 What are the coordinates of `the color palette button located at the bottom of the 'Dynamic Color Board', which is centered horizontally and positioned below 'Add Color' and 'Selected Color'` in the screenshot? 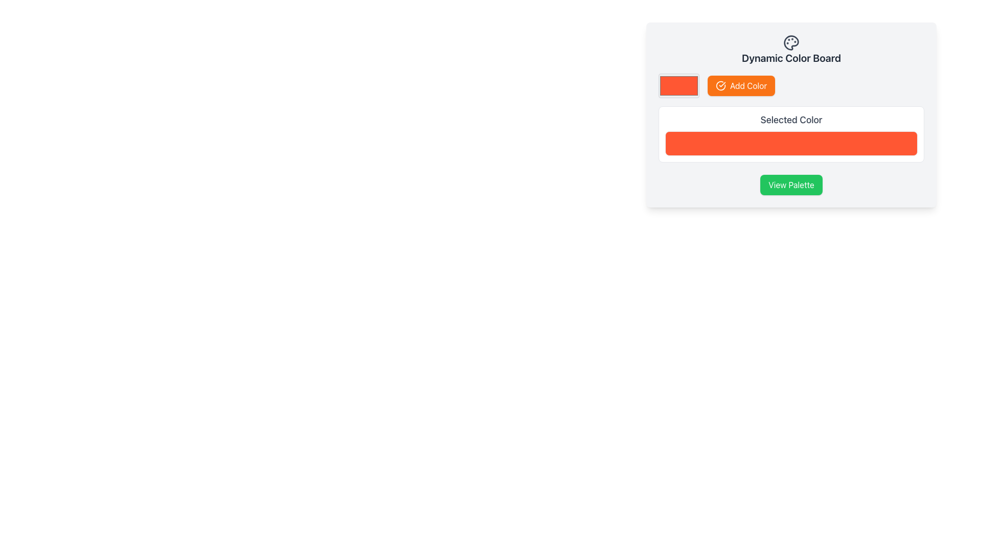 It's located at (791, 185).